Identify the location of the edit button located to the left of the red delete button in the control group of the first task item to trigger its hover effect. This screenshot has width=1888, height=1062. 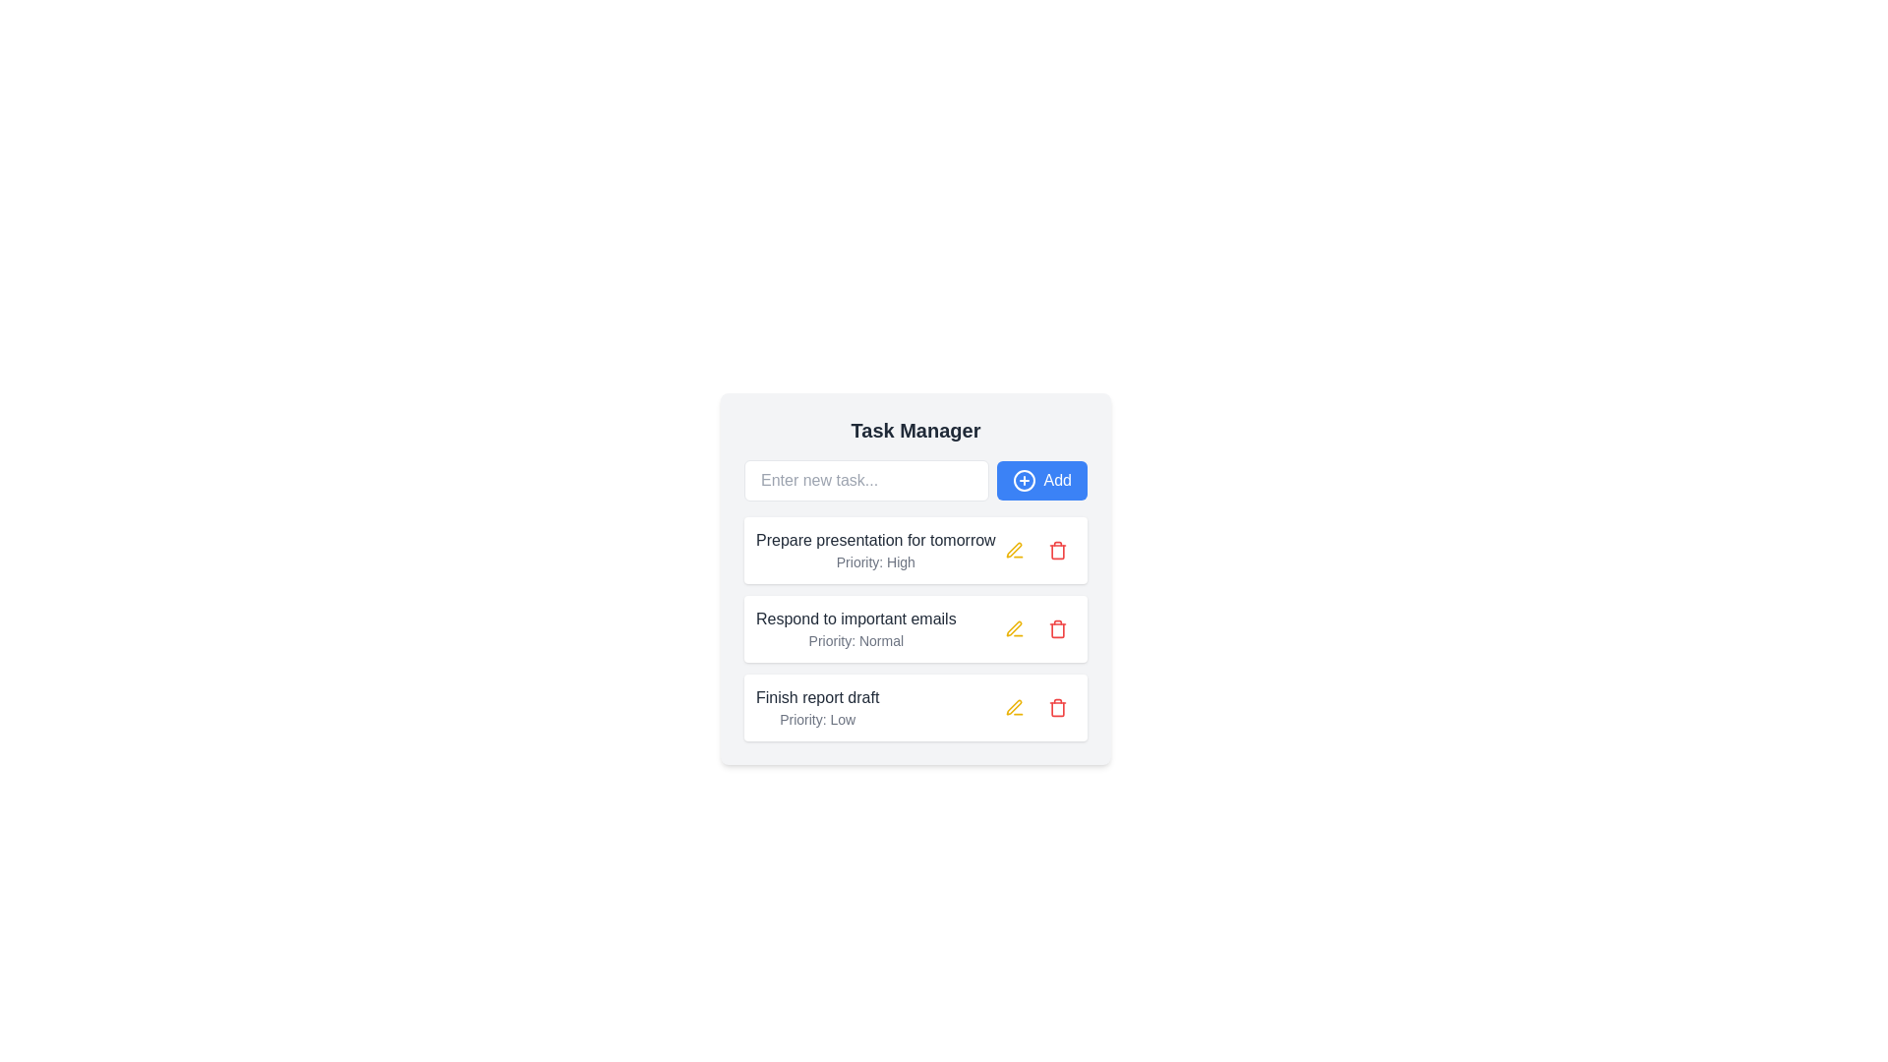
(1015, 550).